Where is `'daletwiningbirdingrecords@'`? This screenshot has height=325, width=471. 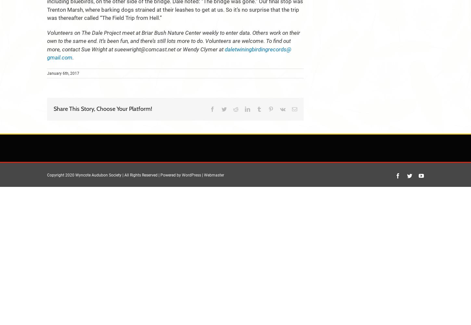 'daletwiningbirdingrecords@' is located at coordinates (224, 49).